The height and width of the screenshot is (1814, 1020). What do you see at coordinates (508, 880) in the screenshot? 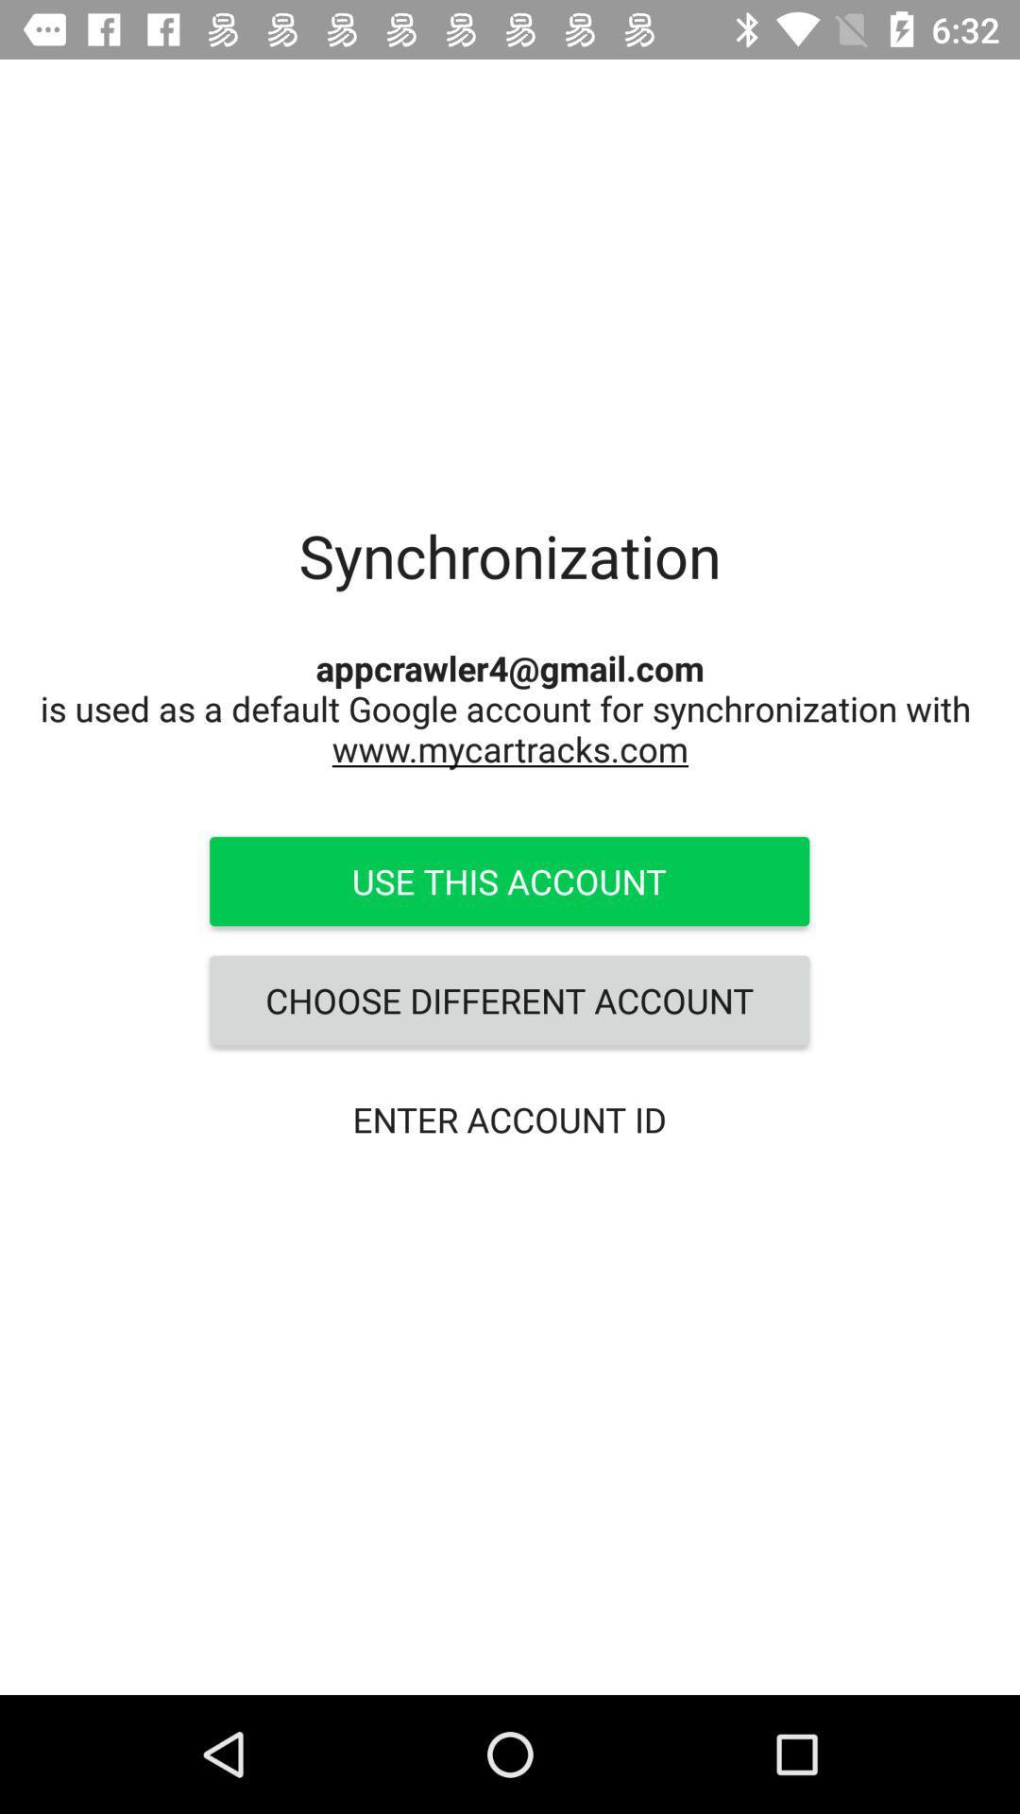
I see `the use this account item` at bounding box center [508, 880].